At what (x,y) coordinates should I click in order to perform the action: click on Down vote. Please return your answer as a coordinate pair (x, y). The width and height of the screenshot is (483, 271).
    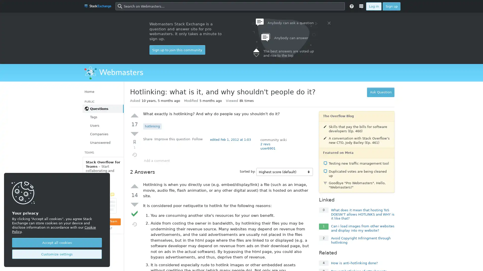
    Looking at the image, I should click on (134, 204).